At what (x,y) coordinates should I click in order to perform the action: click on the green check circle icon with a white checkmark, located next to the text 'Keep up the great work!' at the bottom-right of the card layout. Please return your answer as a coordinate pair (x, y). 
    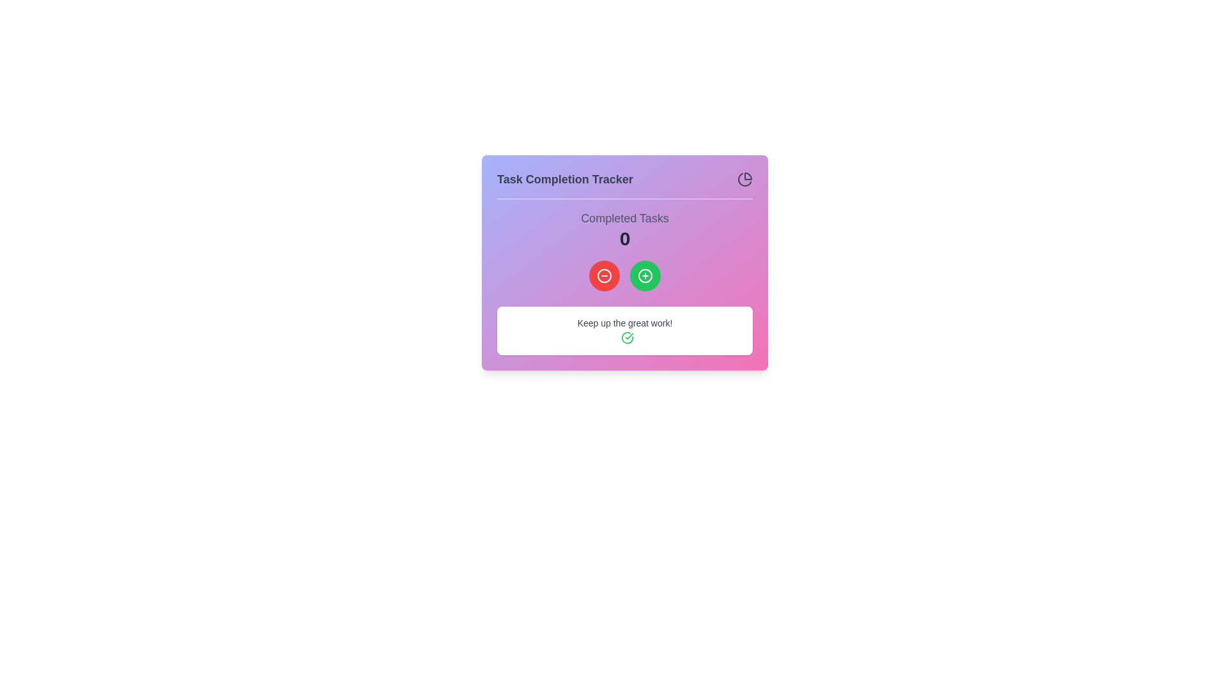
    Looking at the image, I should click on (628, 337).